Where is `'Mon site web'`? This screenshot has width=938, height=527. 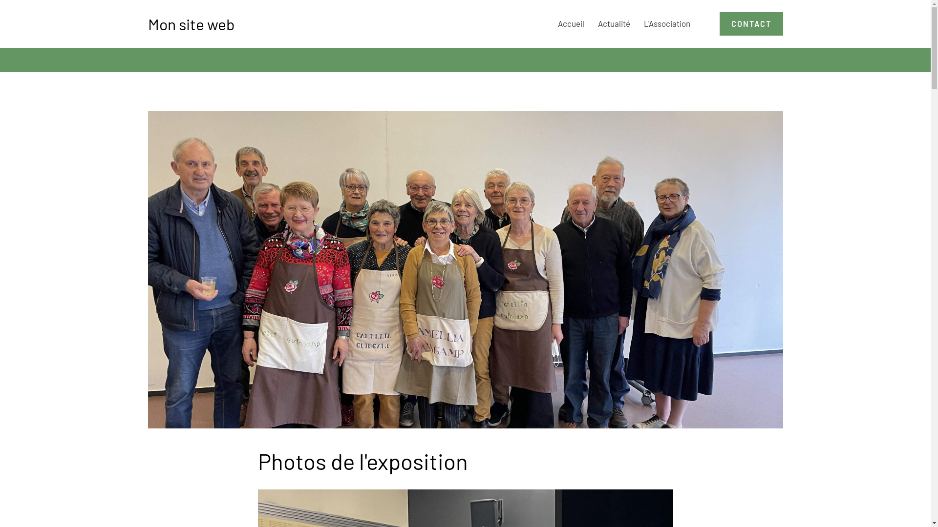 'Mon site web' is located at coordinates (191, 23).